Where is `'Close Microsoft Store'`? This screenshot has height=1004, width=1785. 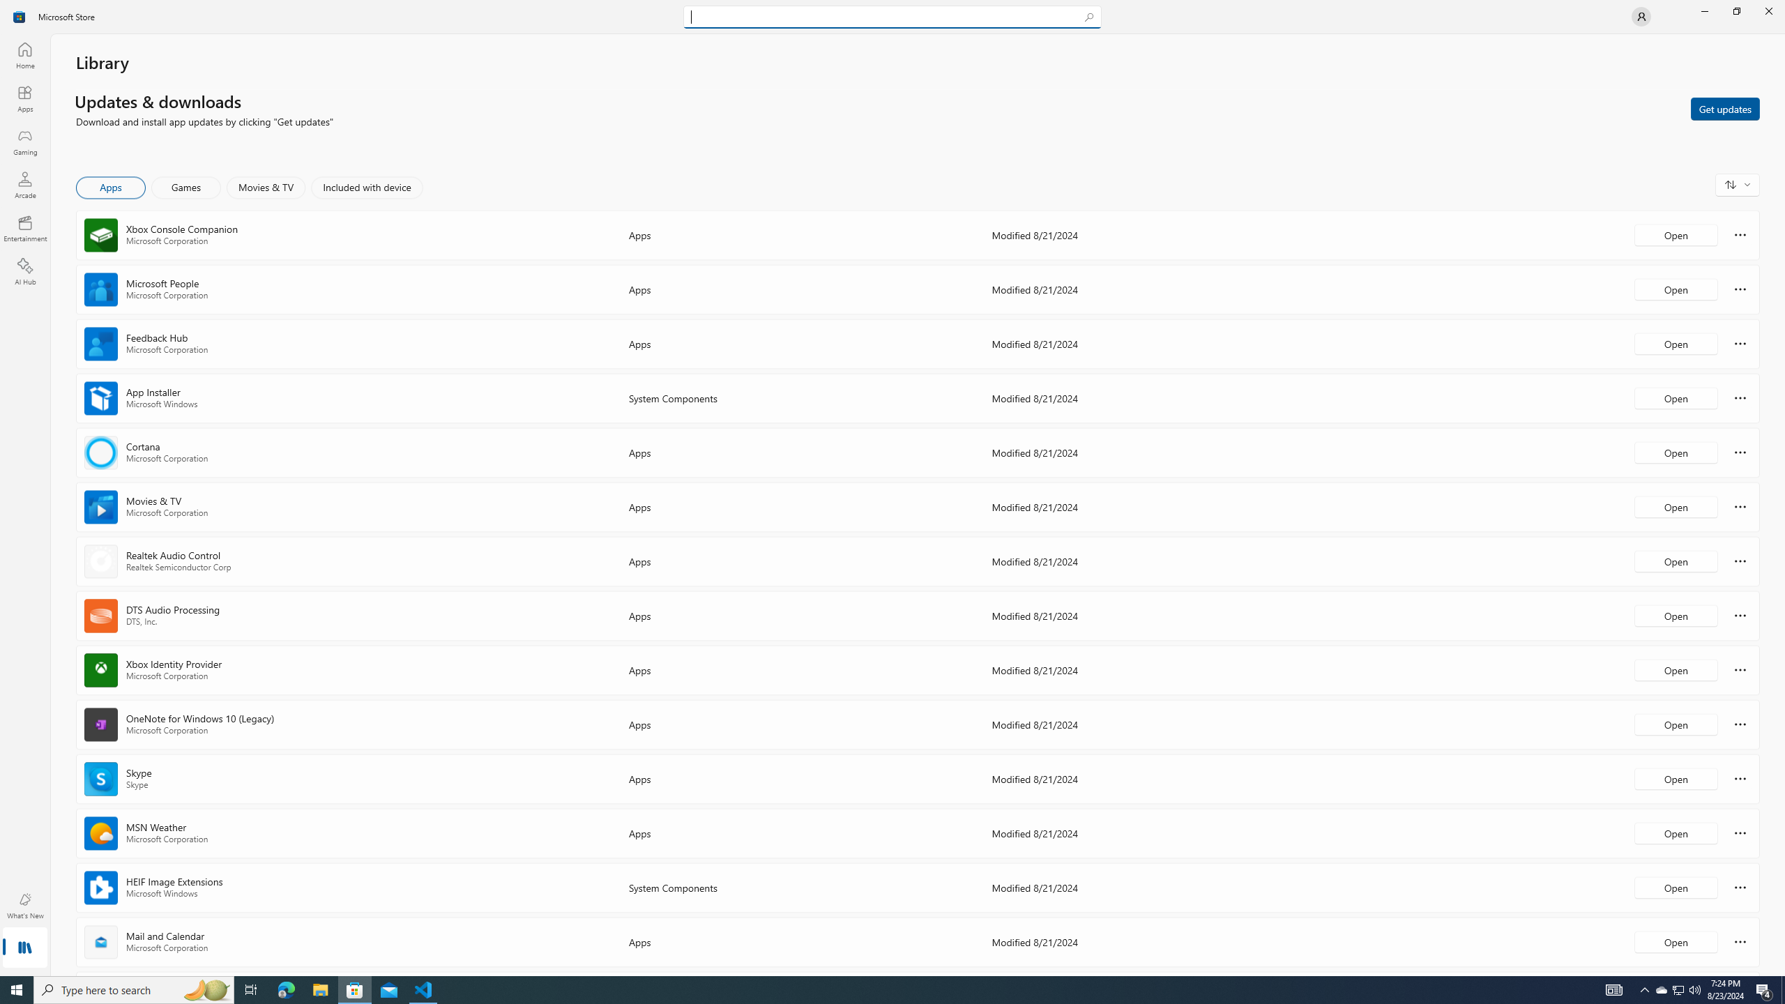
'Close Microsoft Store' is located at coordinates (1768, 10).